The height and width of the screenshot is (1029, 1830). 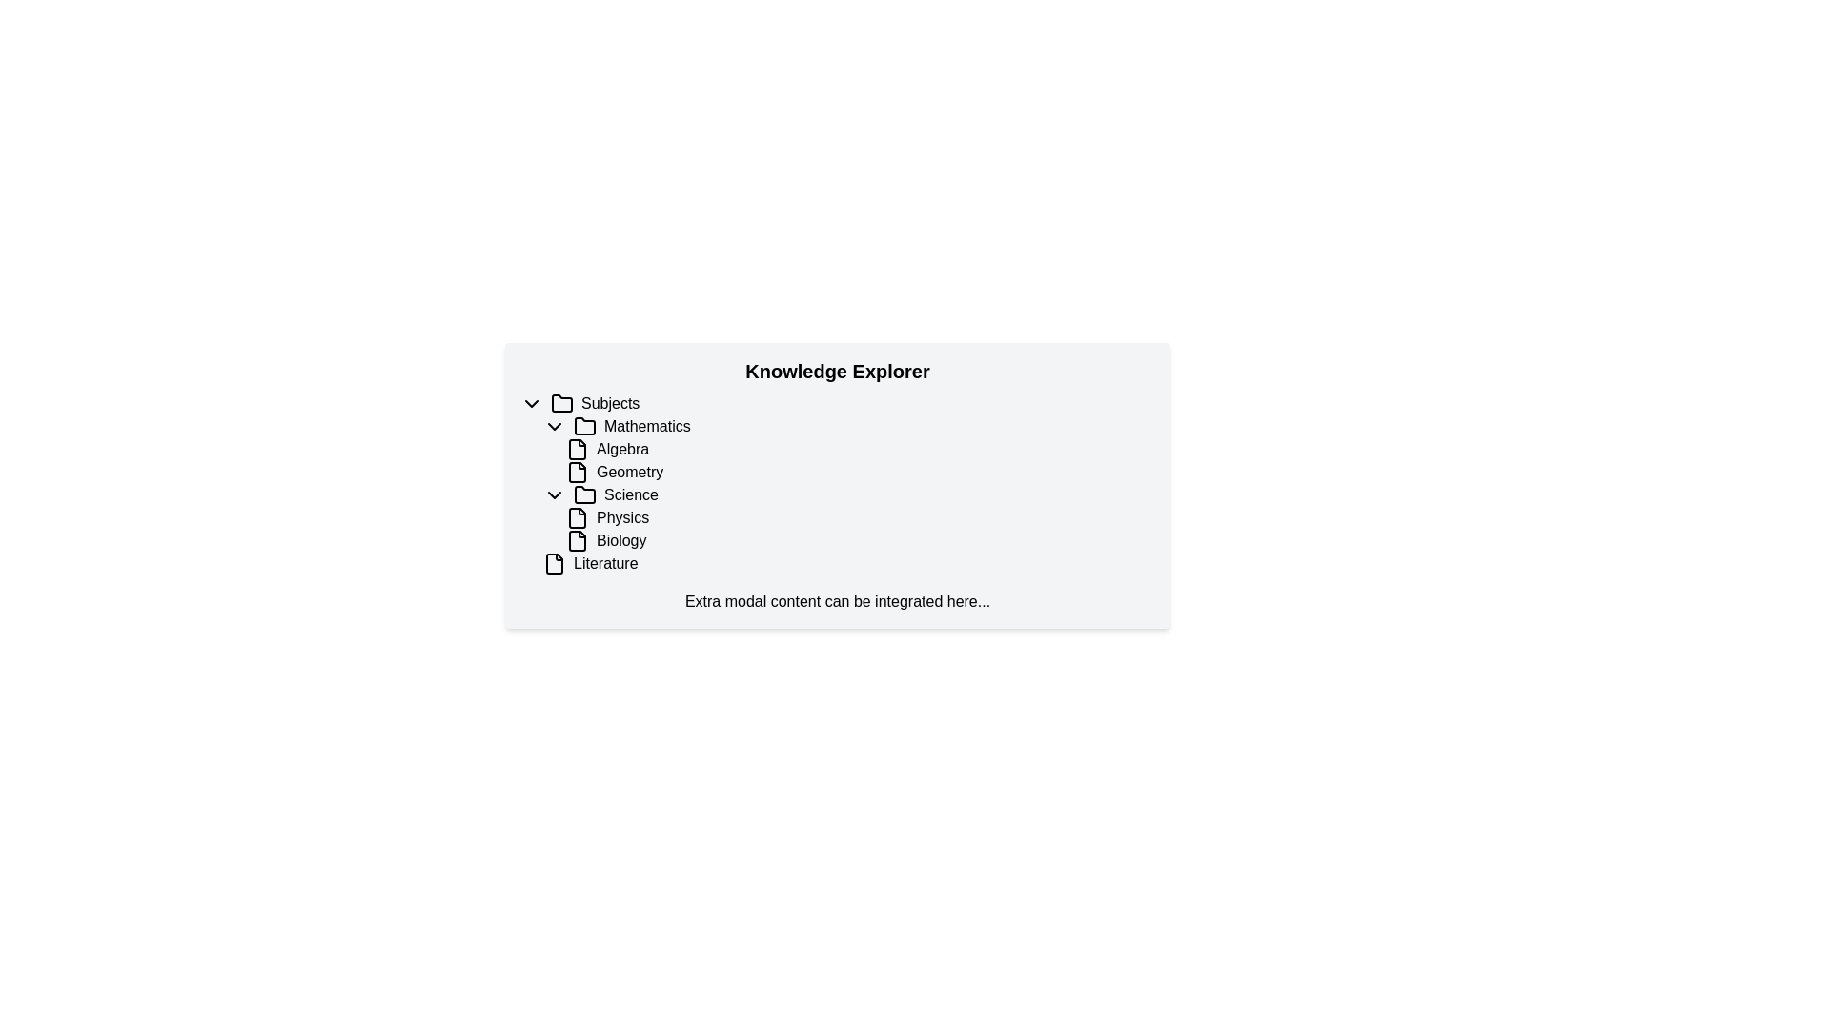 I want to click on the document icon representing the 'Biology' category in the 'Knowledge Explorer' folder tree, which features a rectangular shape with a folded corner at the top-right, so click(x=576, y=540).